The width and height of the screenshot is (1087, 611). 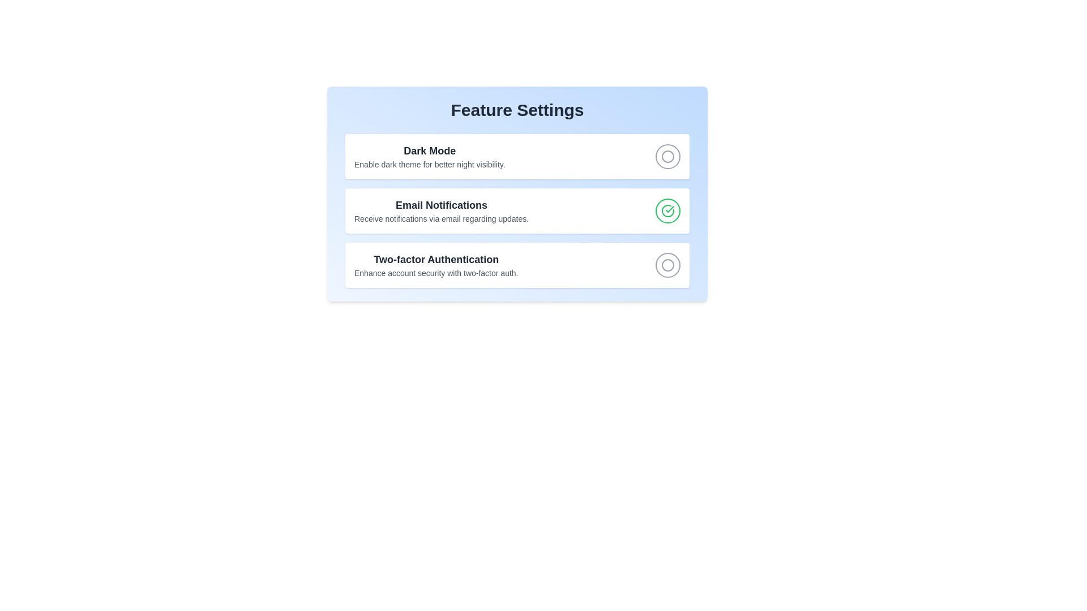 What do you see at coordinates (435, 260) in the screenshot?
I see `the text label displaying 'Two-factor Authentication', which is a bold, large-sized title in dark gray color, located at the top of the third feature block in the 'Feature Settings' interface` at bounding box center [435, 260].